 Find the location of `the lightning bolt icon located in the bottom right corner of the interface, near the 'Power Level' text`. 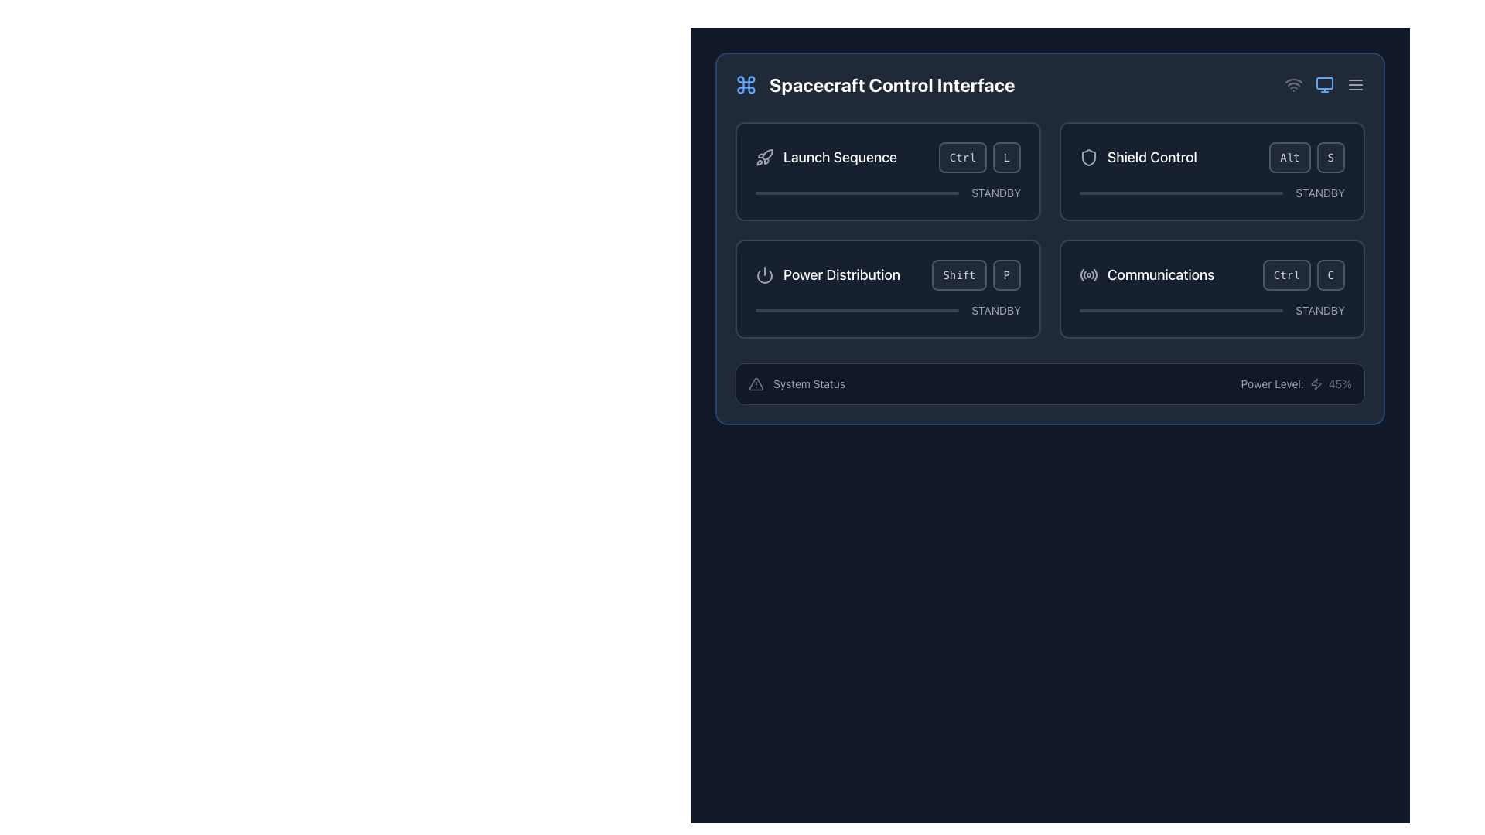

the lightning bolt icon located in the bottom right corner of the interface, near the 'Power Level' text is located at coordinates (1315, 383).